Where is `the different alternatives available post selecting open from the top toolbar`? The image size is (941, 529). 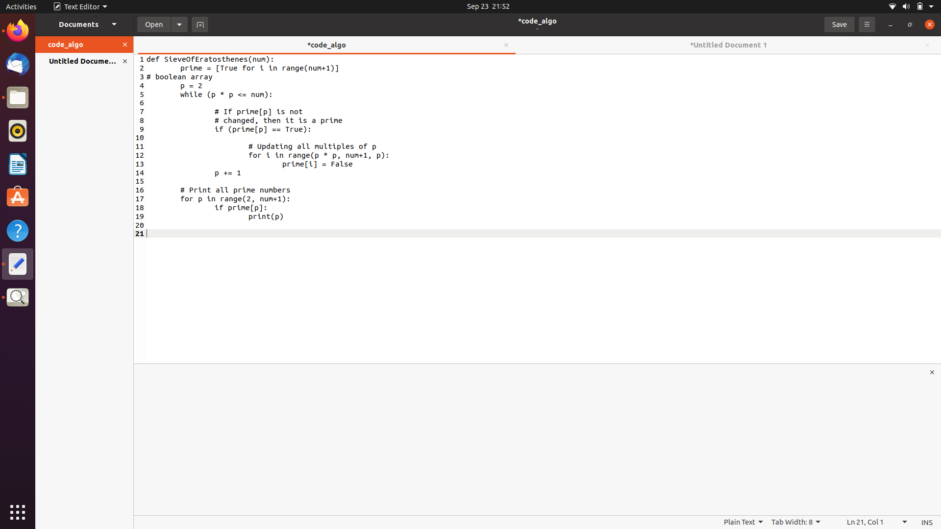 the different alternatives available post selecting open from the top toolbar is located at coordinates (179, 24).